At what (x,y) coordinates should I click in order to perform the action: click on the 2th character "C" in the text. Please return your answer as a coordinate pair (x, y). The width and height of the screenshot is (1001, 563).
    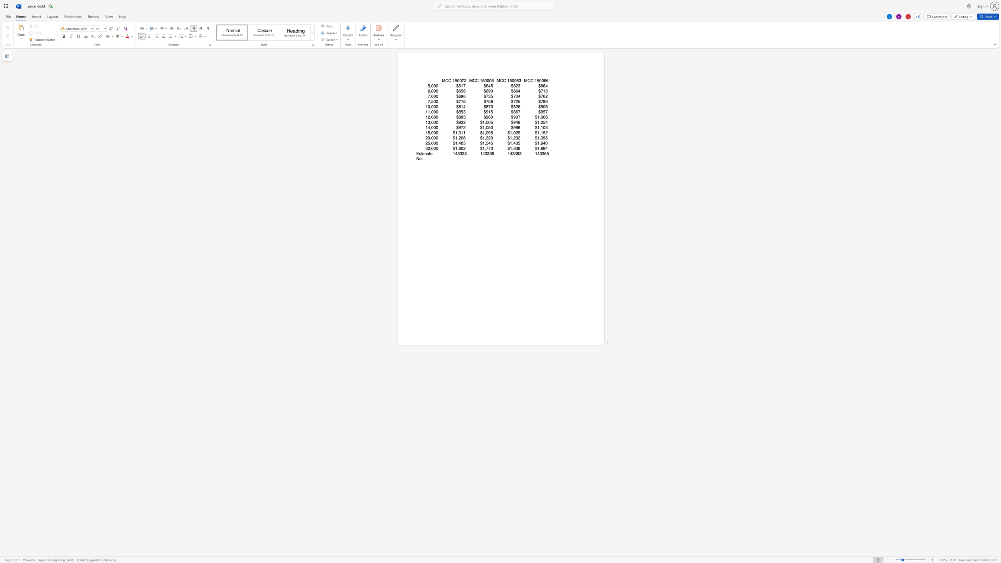
    Looking at the image, I should click on (477, 80).